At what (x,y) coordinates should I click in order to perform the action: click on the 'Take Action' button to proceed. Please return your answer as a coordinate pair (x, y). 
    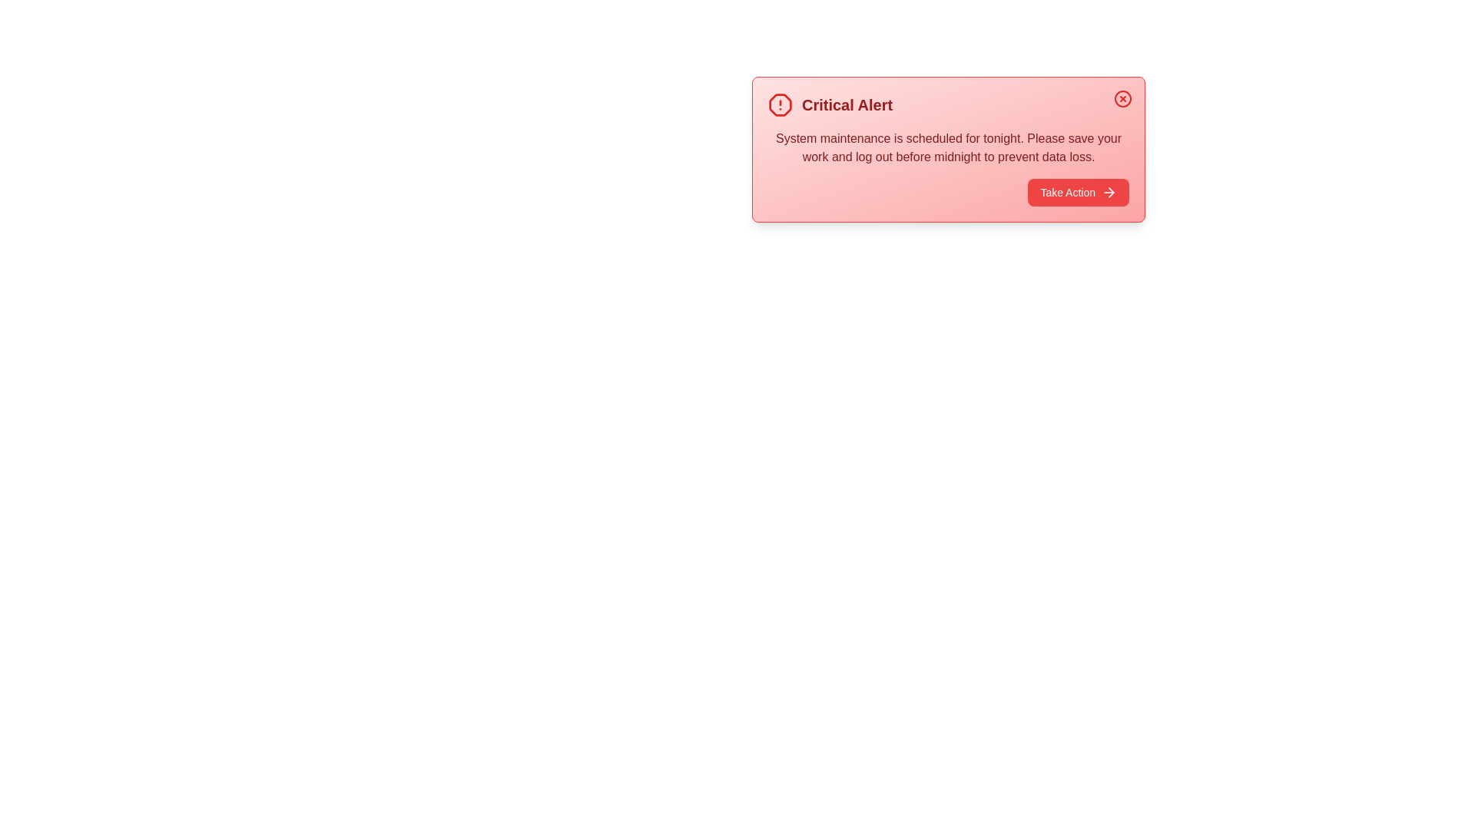
    Looking at the image, I should click on (1077, 191).